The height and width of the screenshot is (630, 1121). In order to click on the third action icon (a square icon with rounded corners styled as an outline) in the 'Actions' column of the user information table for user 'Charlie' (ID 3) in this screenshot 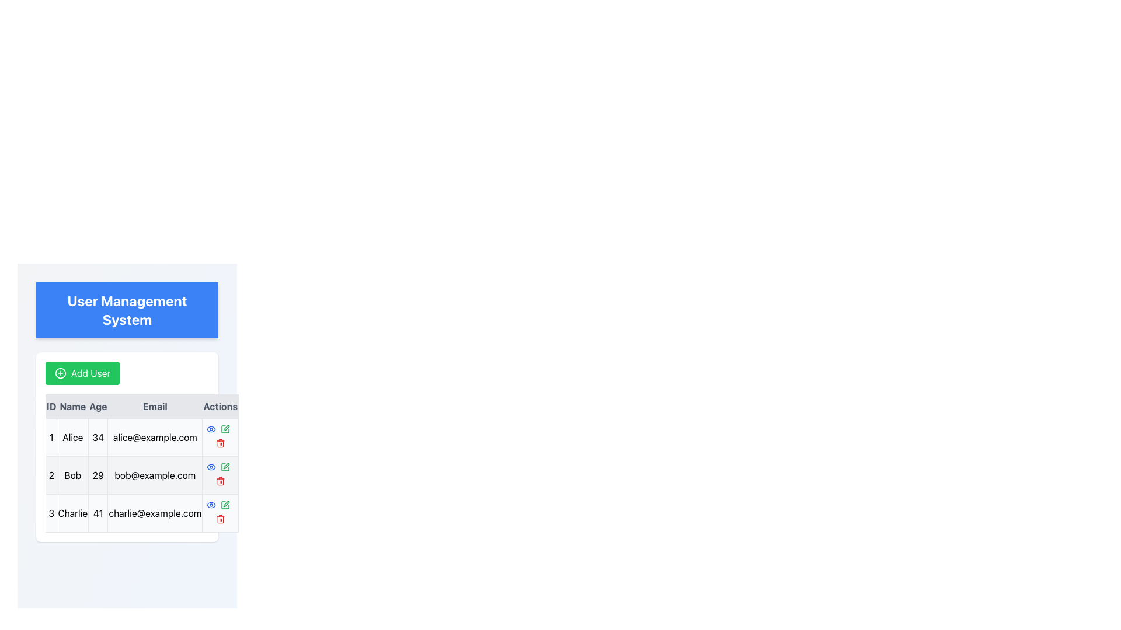, I will do `click(225, 505)`.